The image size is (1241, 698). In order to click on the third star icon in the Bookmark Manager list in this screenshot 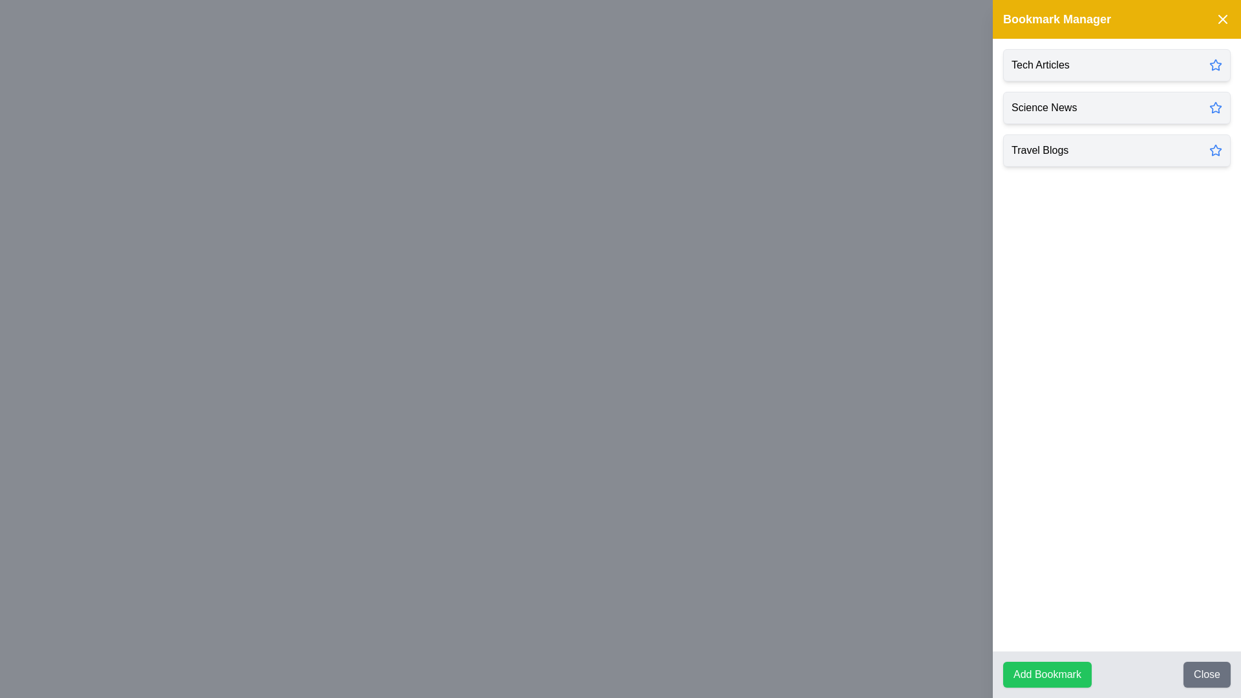, I will do `click(1214, 149)`.